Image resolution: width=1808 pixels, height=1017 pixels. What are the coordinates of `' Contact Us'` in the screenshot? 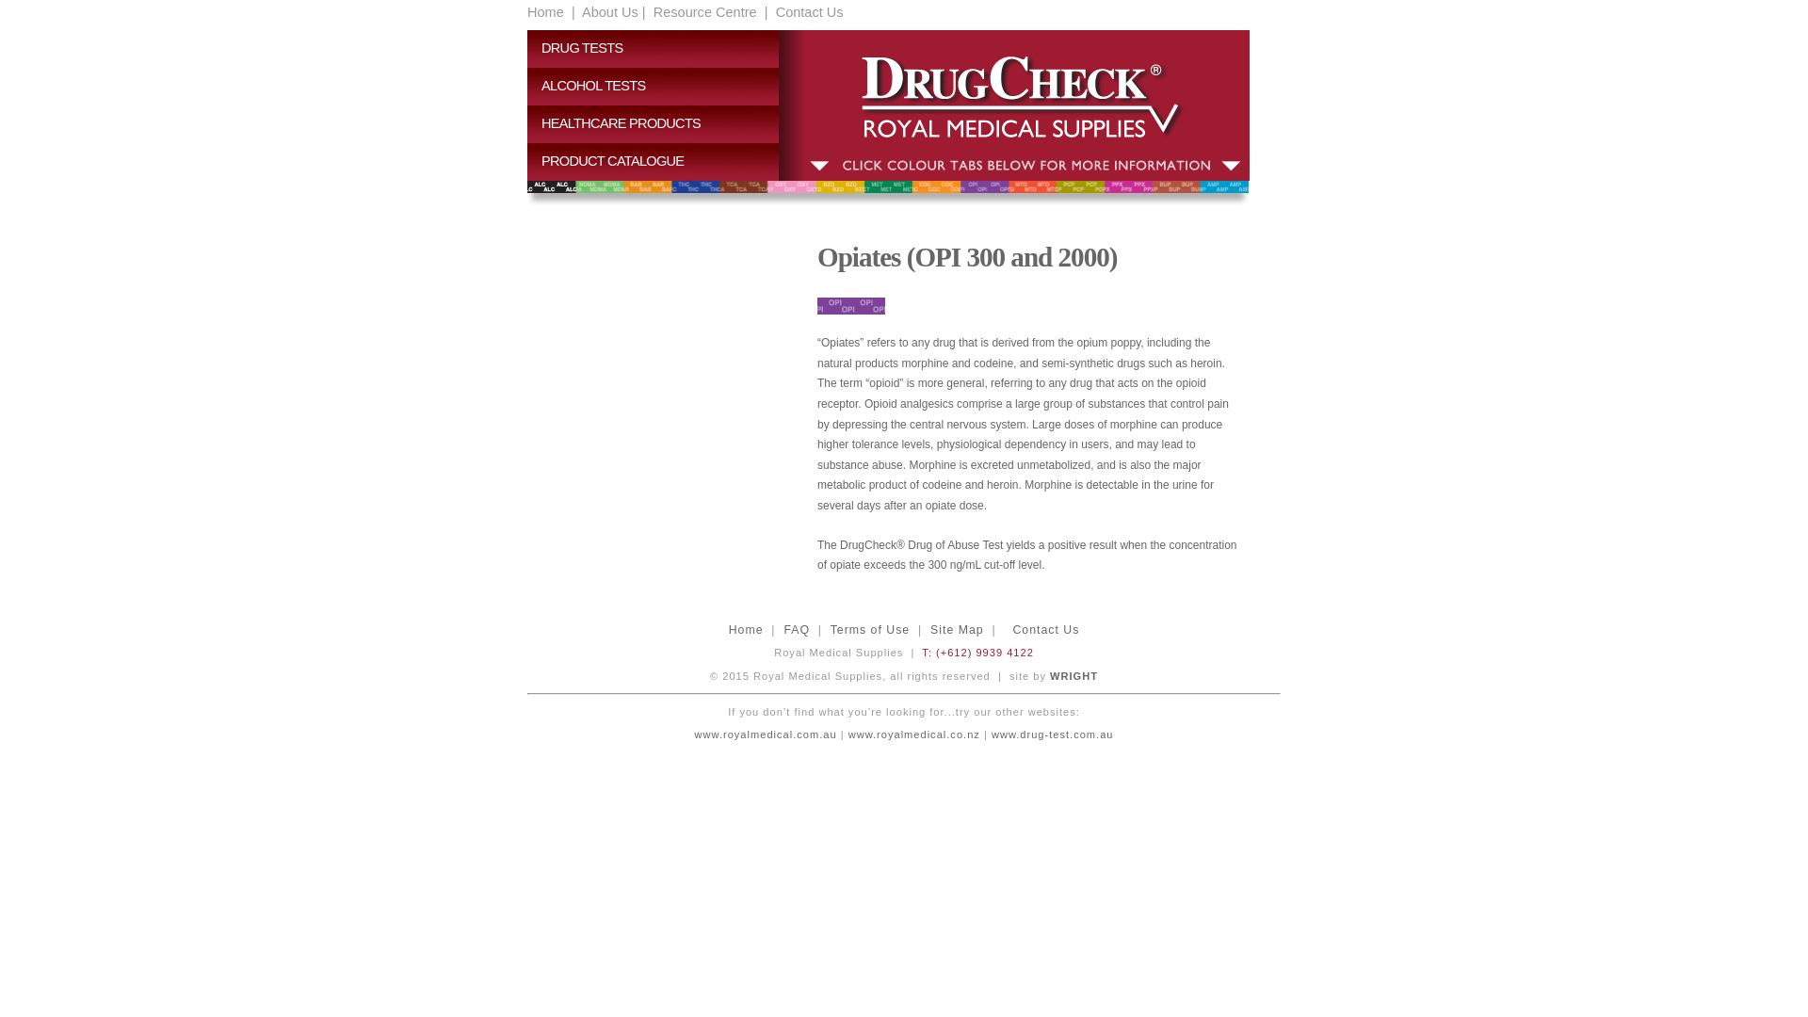 It's located at (808, 11).